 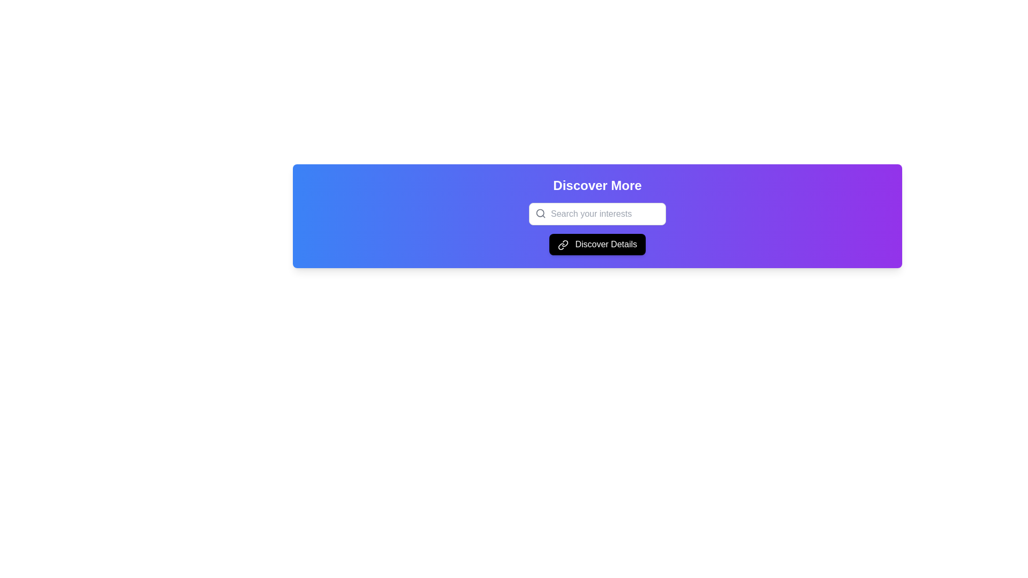 I want to click on the link icon composed of two chain links, which is located to the left of the text 'Discover Details' within a rounded button that has a black background, so click(x=562, y=245).